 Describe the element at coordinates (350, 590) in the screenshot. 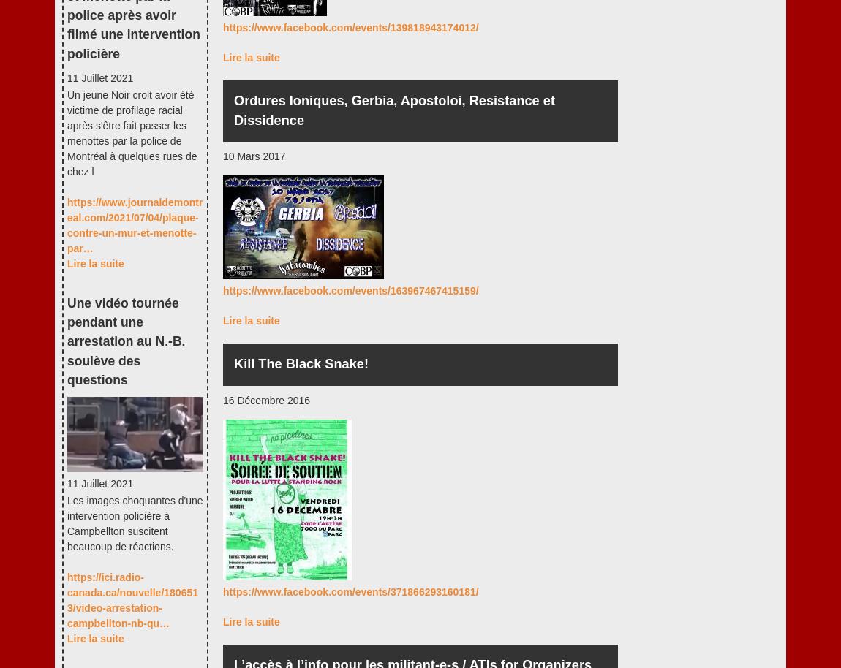

I see `'https://www.facebook.com/events/371866293160181/'` at that location.